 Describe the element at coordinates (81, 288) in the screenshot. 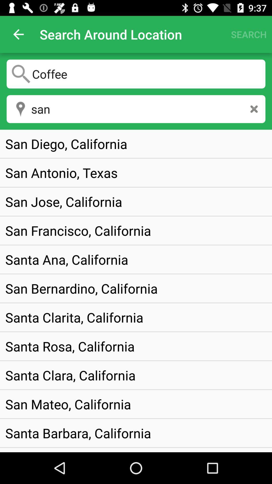

I see `san bernardino, california item` at that location.